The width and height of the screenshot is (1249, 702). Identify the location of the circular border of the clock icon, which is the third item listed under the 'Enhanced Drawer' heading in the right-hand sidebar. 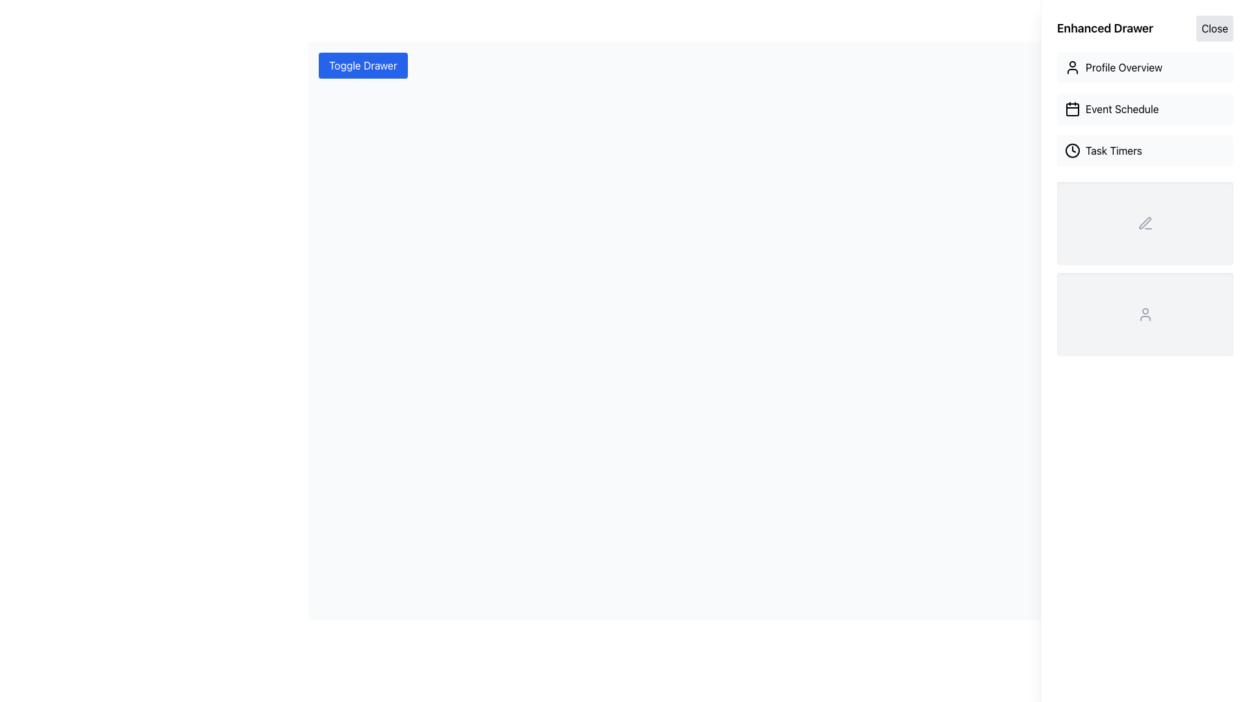
(1073, 149).